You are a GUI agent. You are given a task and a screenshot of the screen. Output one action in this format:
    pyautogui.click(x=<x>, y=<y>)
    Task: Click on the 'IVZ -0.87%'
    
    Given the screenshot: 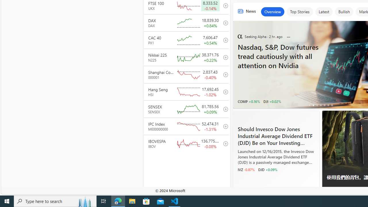 What is the action you would take?
    pyautogui.click(x=246, y=169)
    